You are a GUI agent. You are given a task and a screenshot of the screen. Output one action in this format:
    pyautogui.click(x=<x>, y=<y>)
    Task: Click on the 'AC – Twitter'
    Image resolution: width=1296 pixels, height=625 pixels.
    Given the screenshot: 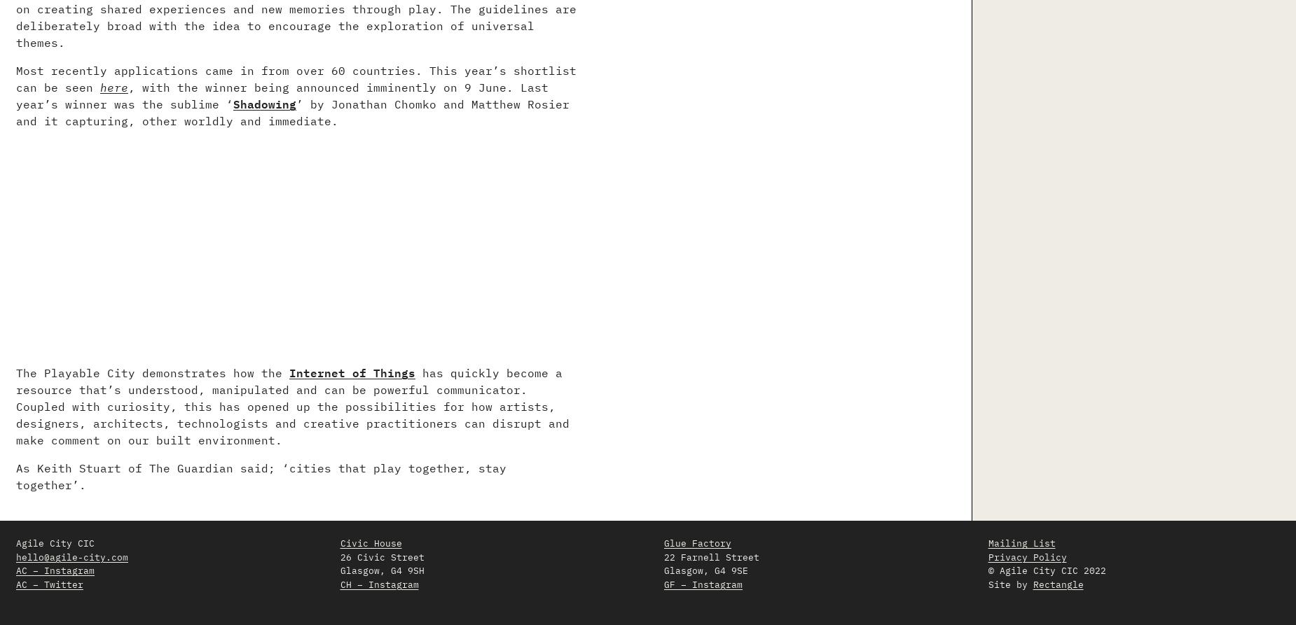 What is the action you would take?
    pyautogui.click(x=49, y=583)
    